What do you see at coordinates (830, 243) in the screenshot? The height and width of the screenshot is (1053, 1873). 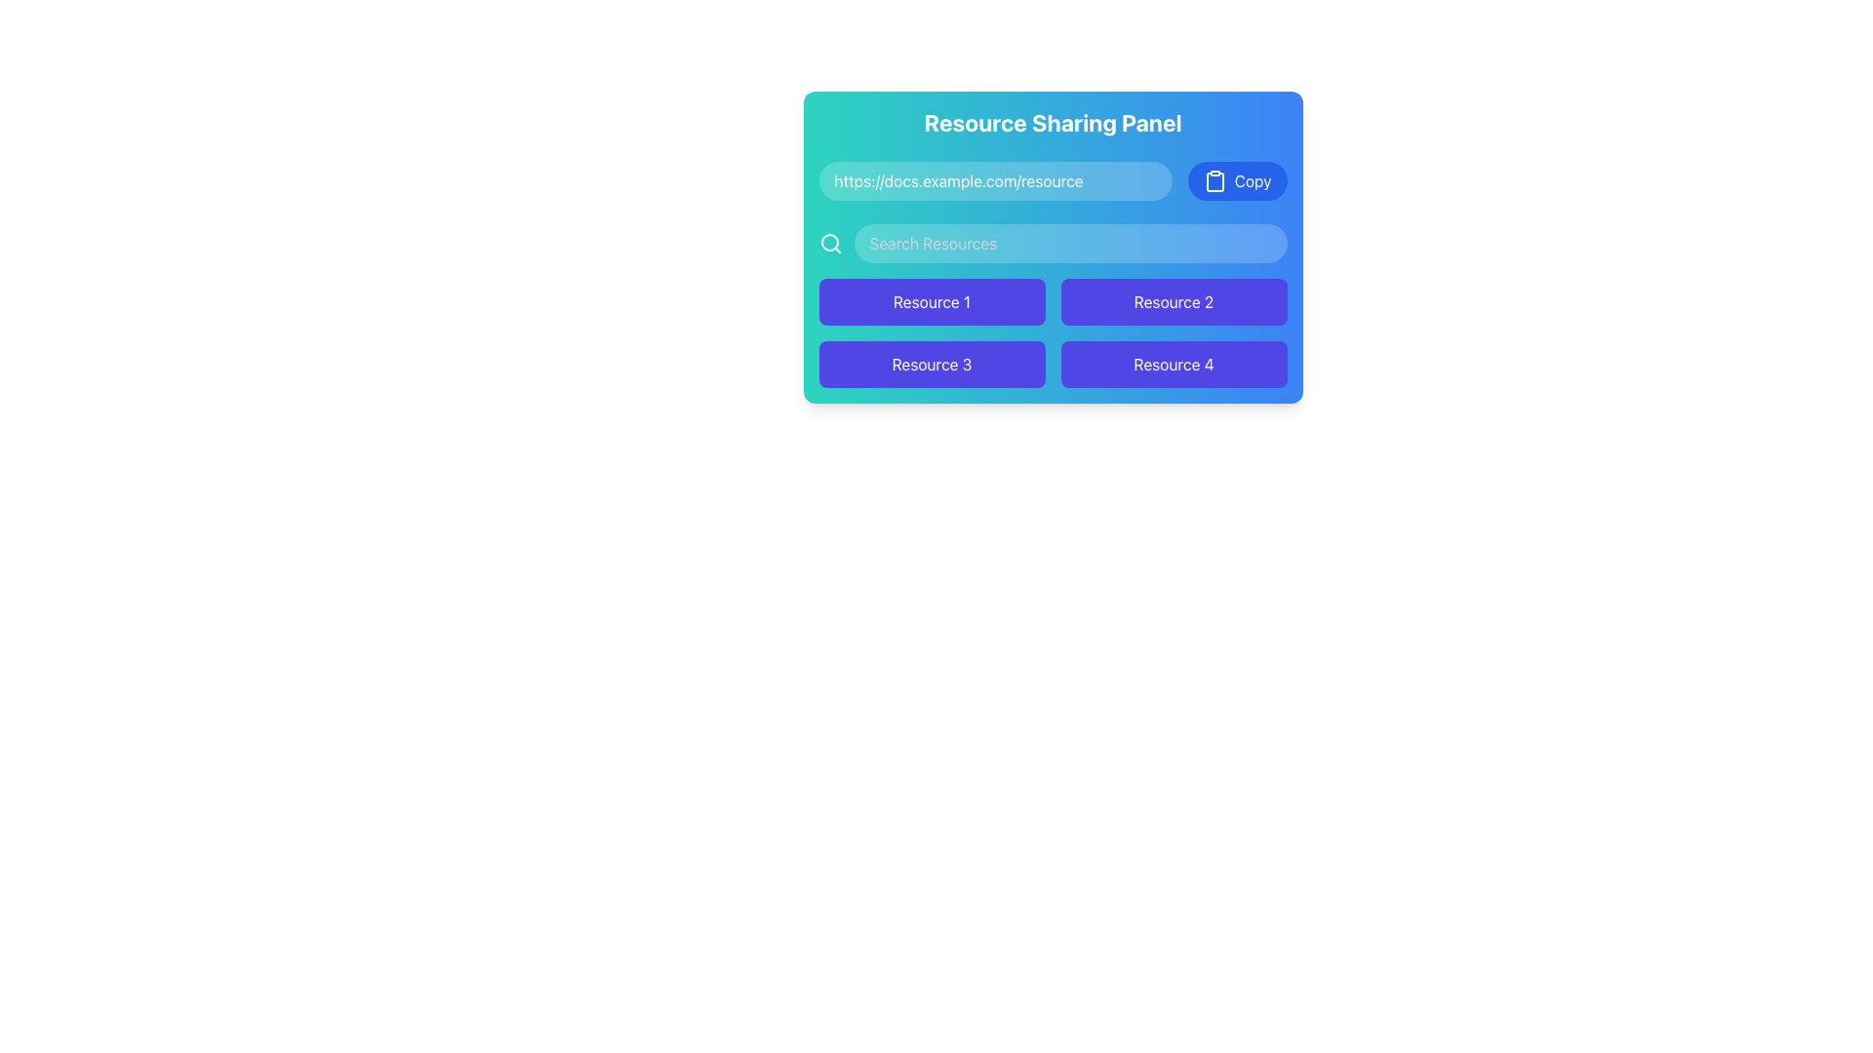 I see `the magnifying glass icon button located` at bounding box center [830, 243].